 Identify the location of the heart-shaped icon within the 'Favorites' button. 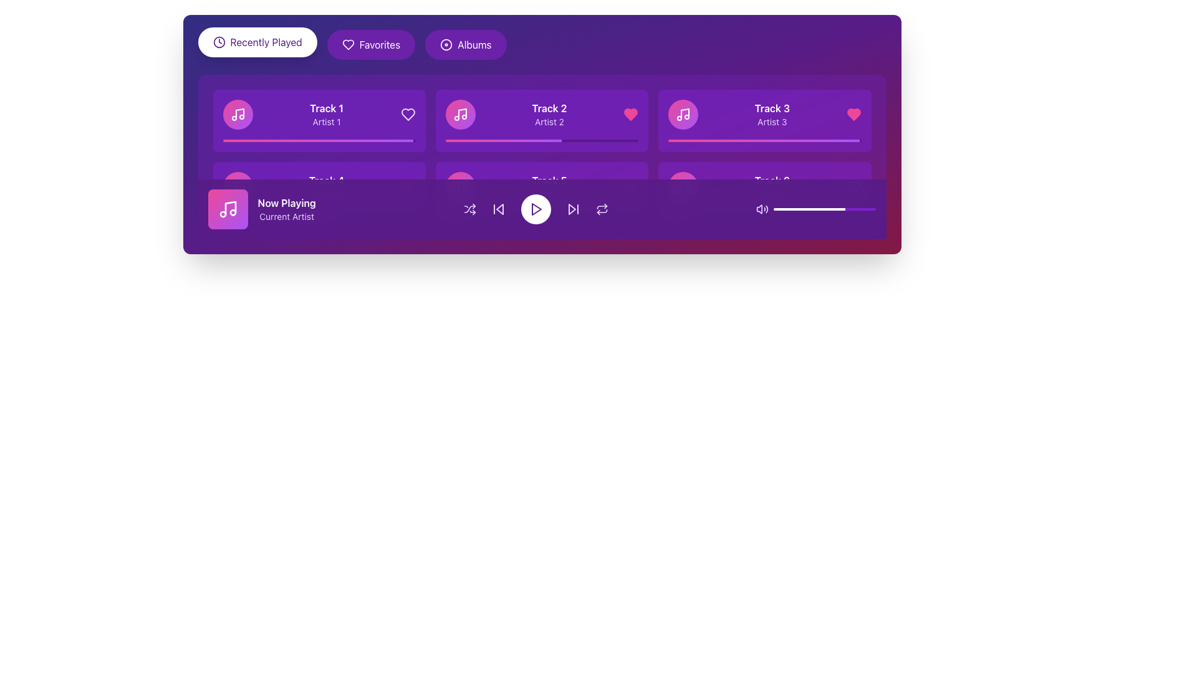
(348, 44).